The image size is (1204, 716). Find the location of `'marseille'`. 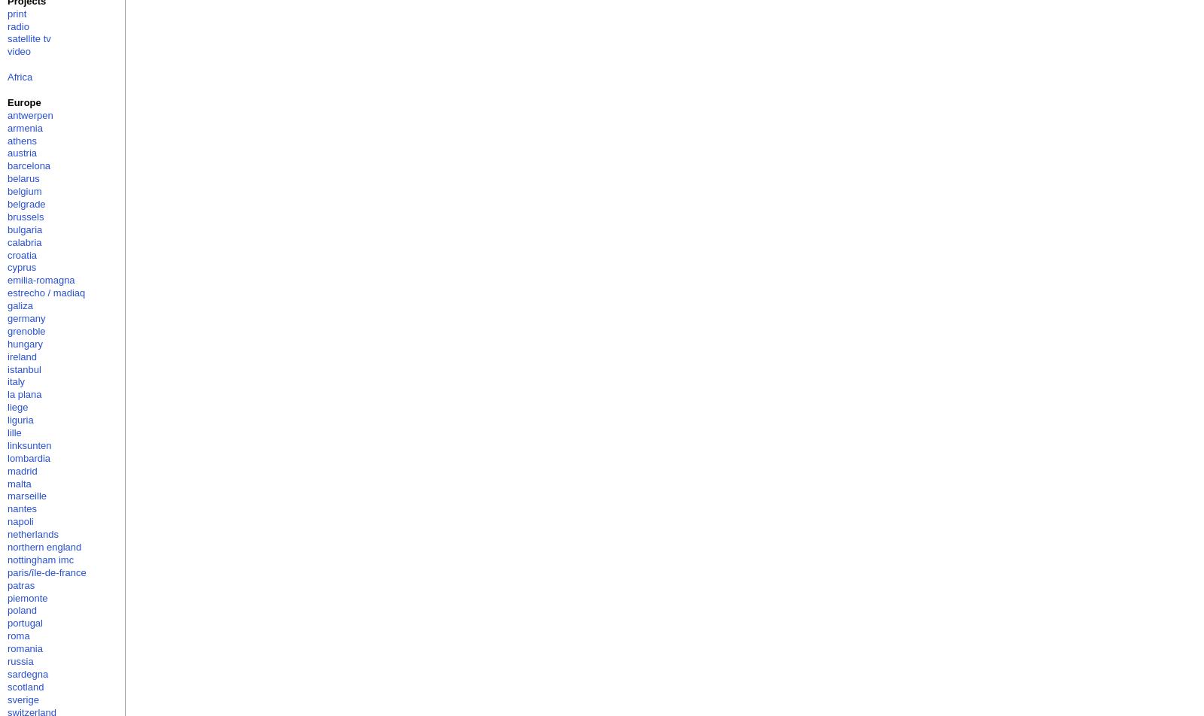

'marseille' is located at coordinates (26, 496).